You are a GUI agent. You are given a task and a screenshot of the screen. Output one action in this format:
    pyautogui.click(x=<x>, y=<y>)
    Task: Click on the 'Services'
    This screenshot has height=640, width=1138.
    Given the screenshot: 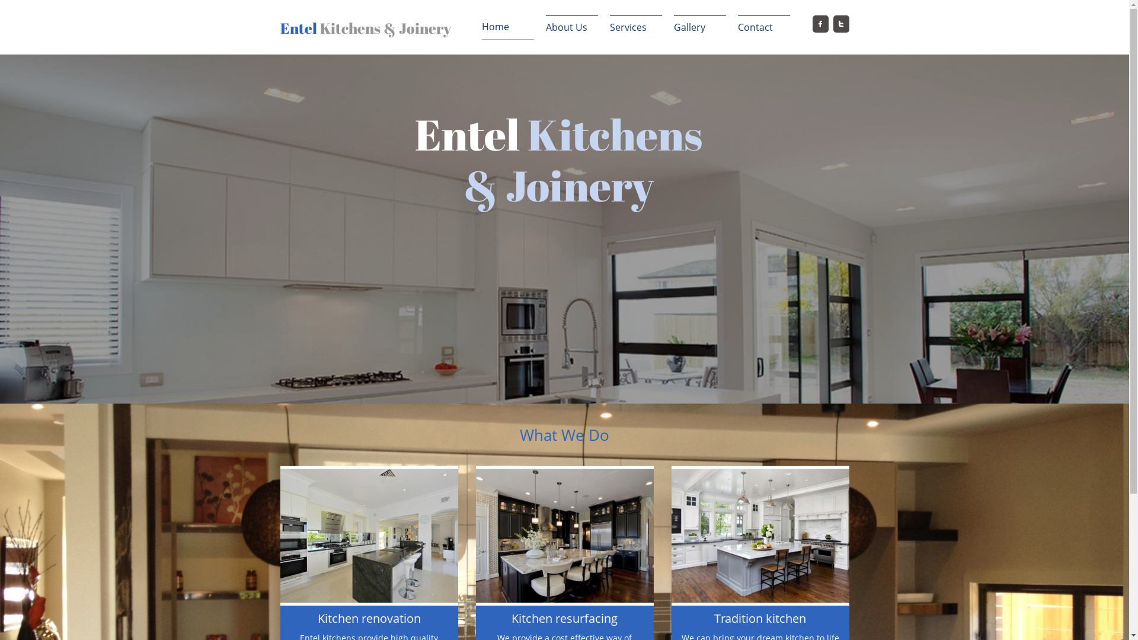 What is the action you would take?
    pyautogui.click(x=634, y=27)
    